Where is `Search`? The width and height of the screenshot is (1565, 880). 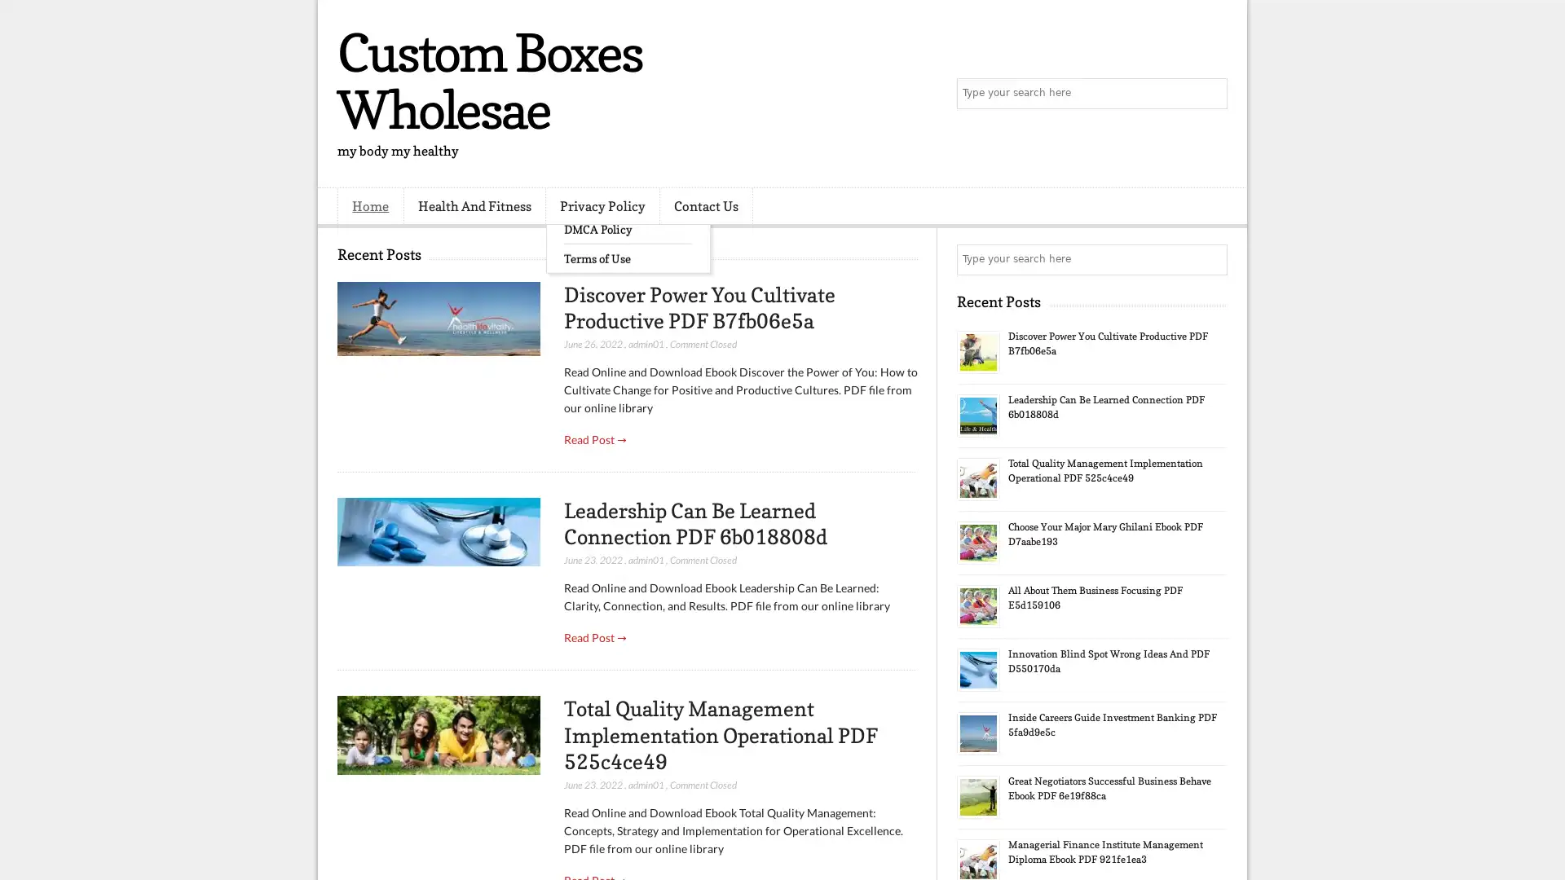 Search is located at coordinates (1210, 94).